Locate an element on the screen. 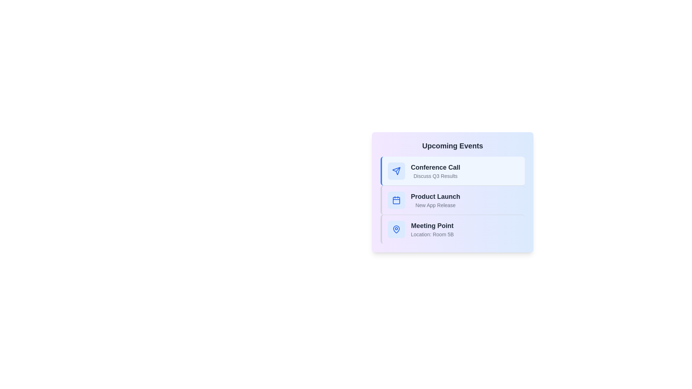 The width and height of the screenshot is (692, 389). the icon representing the event type Conference Call is located at coordinates (396, 171).